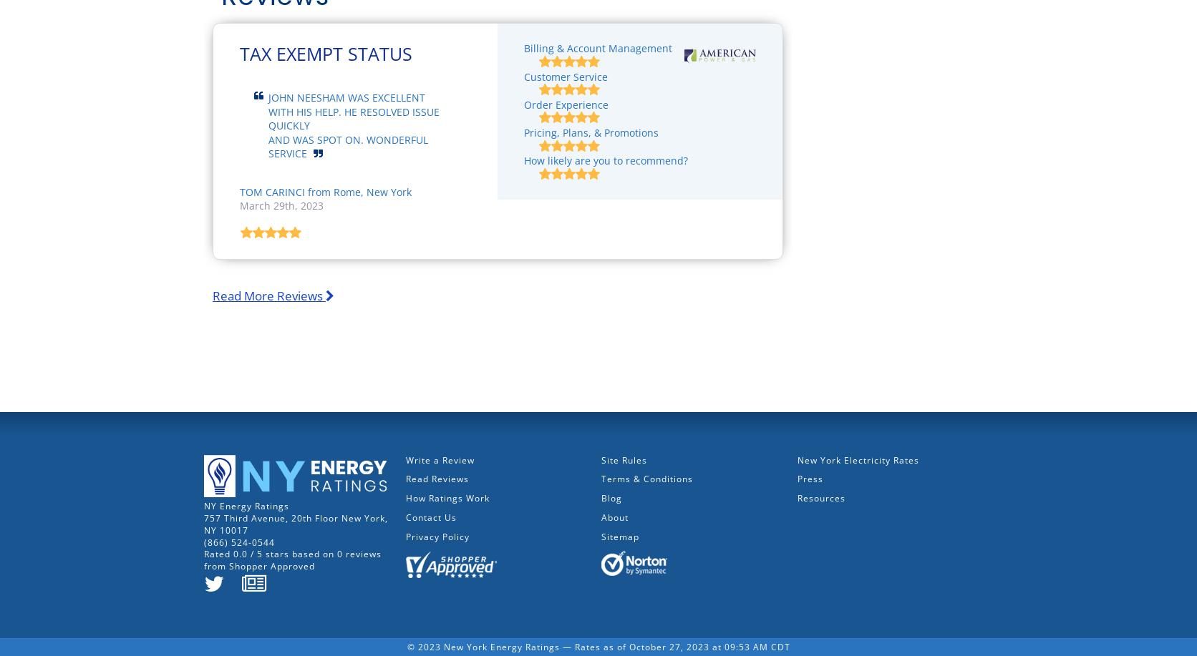  What do you see at coordinates (271, 566) in the screenshot?
I see `'Shopper Approved'` at bounding box center [271, 566].